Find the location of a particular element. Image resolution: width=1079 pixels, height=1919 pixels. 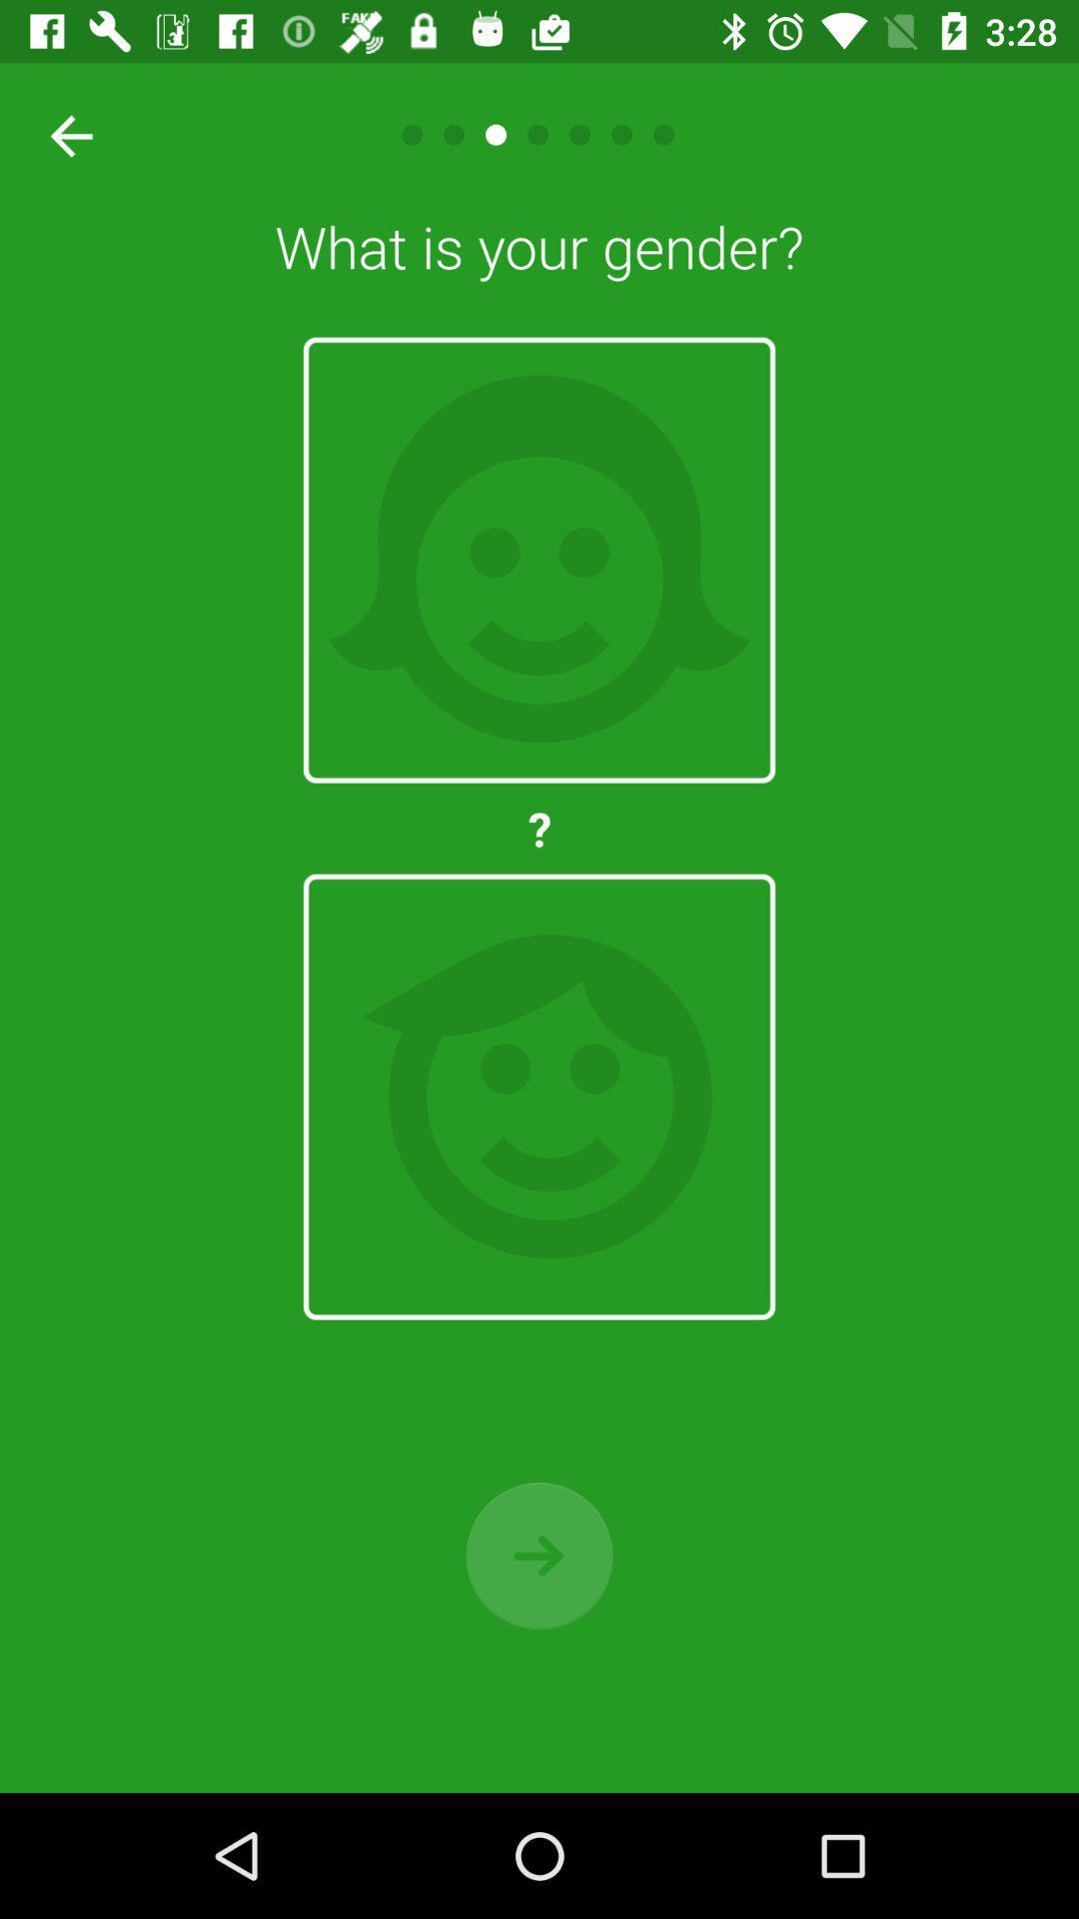

go forward is located at coordinates (539, 1554).